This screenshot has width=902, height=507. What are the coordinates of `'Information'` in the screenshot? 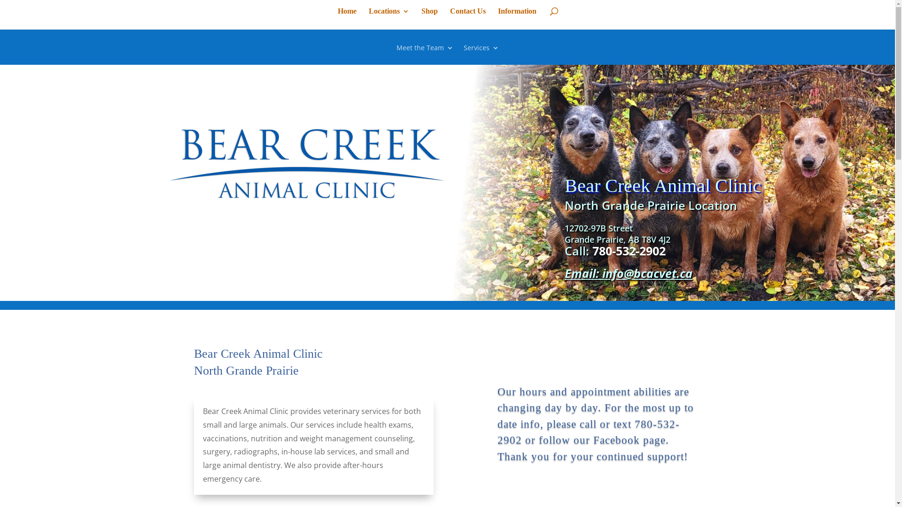 It's located at (516, 18).